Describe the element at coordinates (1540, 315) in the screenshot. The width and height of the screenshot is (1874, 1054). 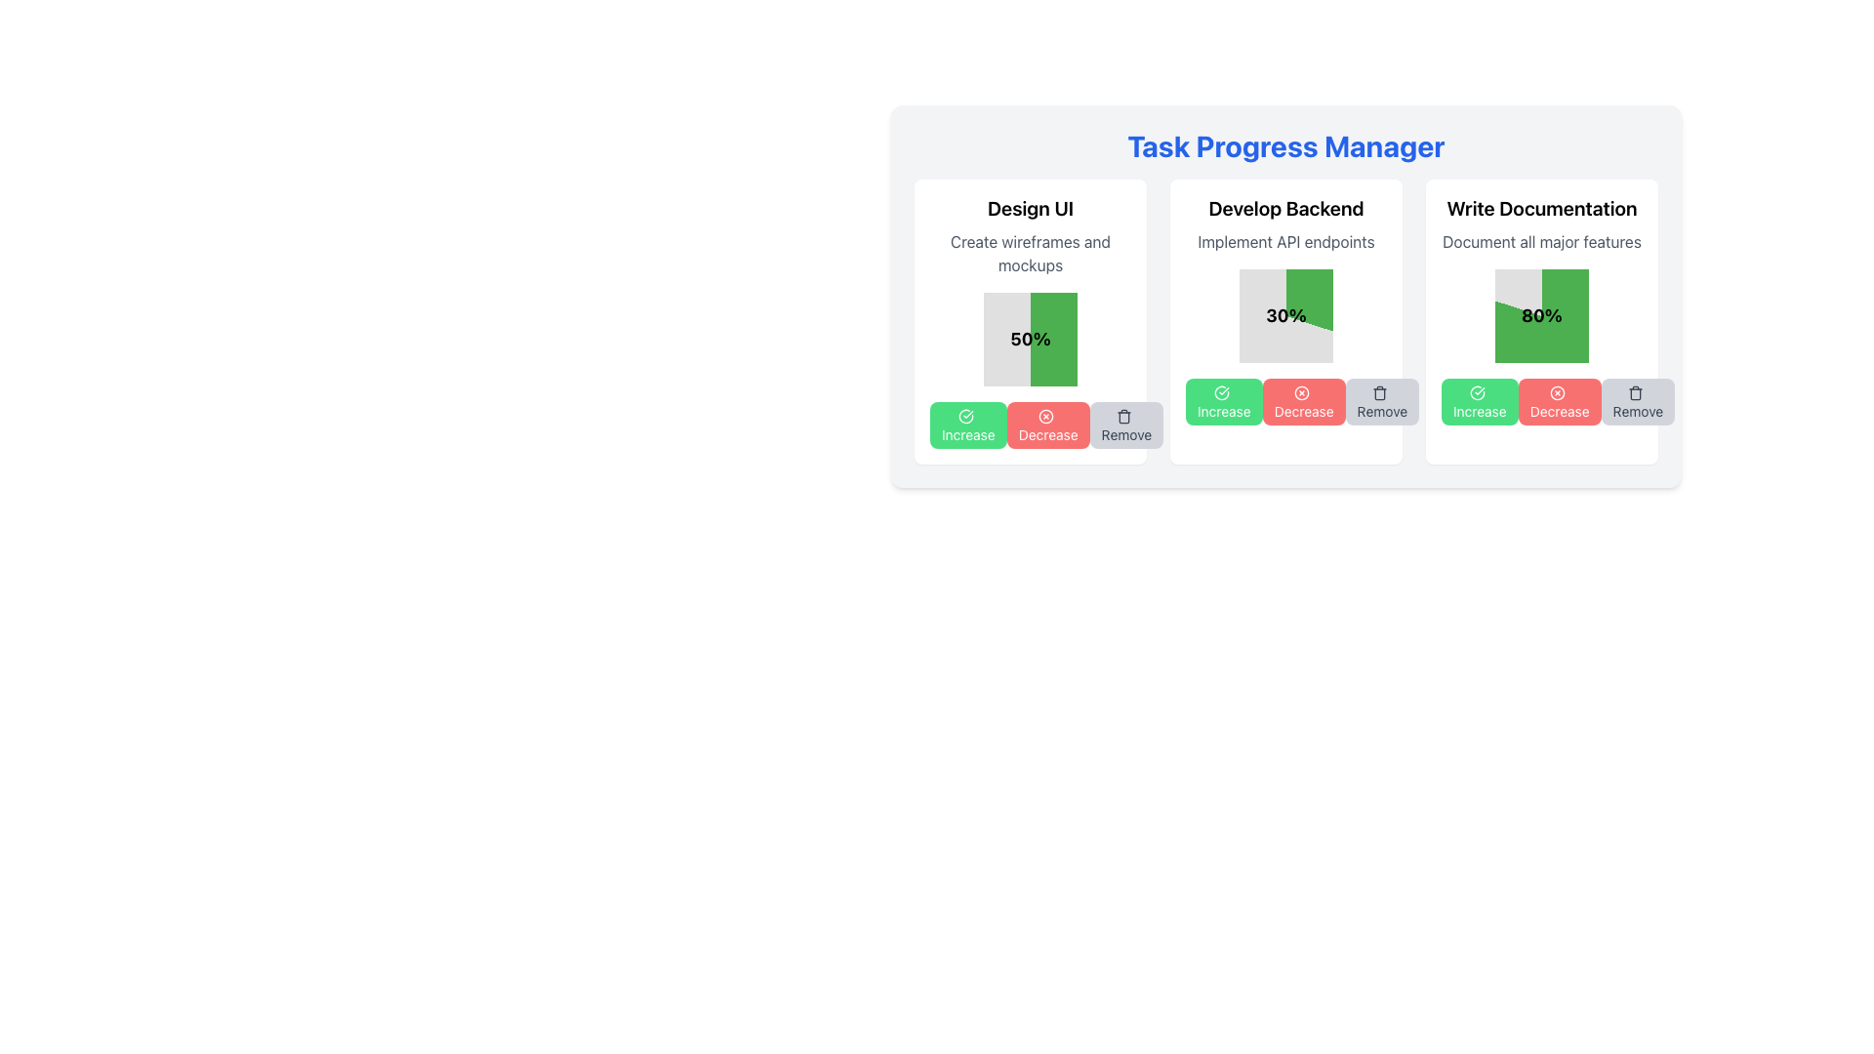
I see `the text display indicating that the 'Write Documentation' task is 80% complete, which is centered on the completion bar within the card titled 'Write Documentation'` at that location.